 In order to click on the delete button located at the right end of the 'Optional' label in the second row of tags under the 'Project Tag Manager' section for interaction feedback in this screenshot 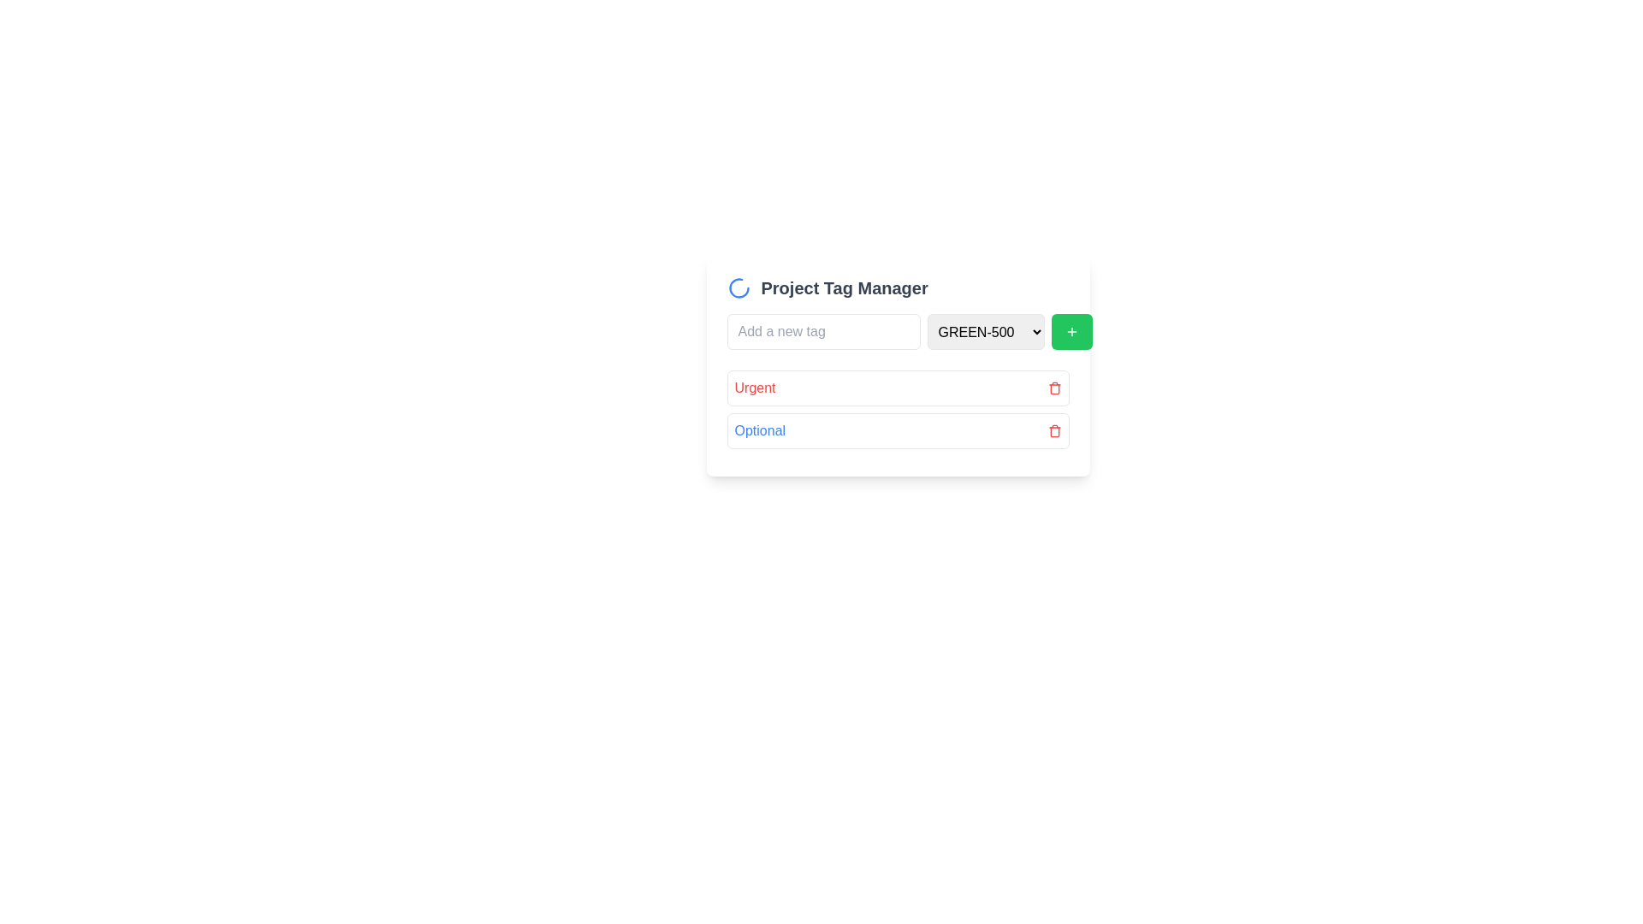, I will do `click(1053, 430)`.